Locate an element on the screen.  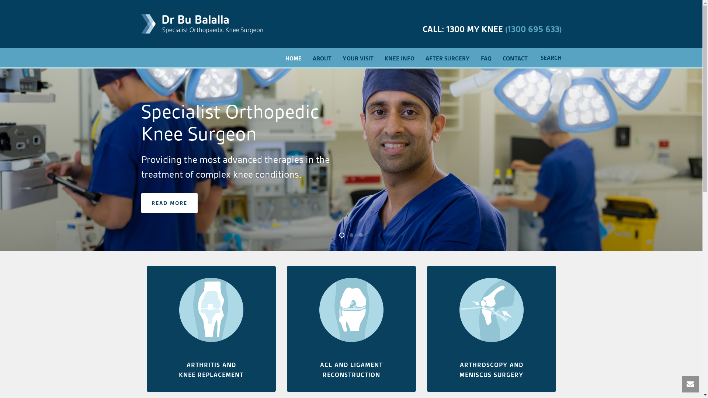
'ARTHRITIS AND' is located at coordinates (211, 365).